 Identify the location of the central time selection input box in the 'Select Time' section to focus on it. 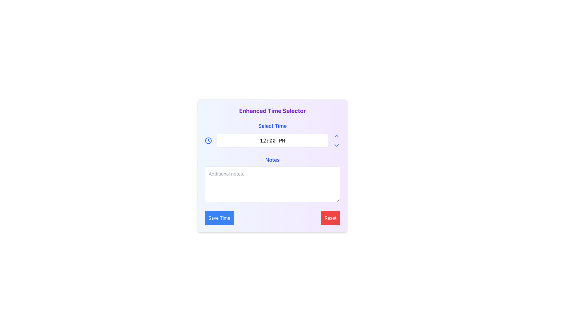
(272, 141).